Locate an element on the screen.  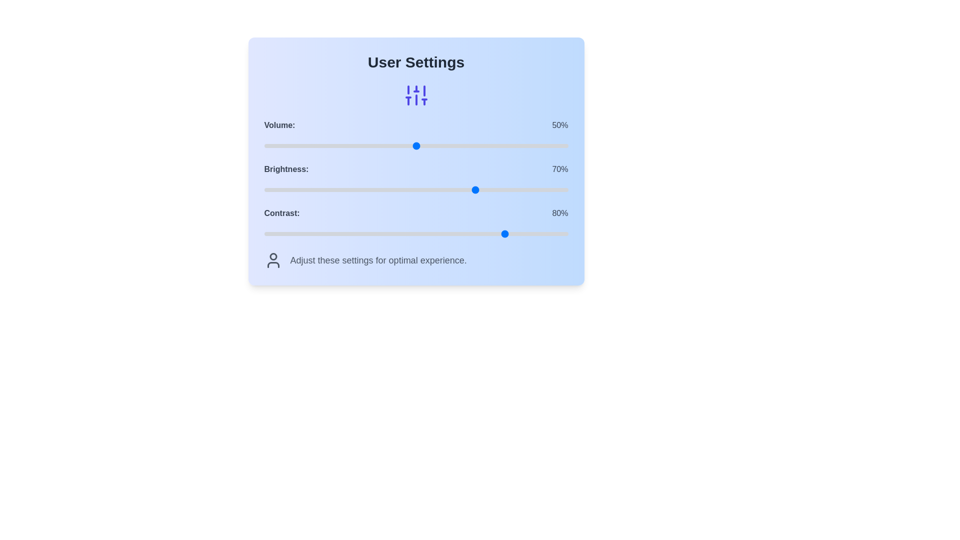
the static text element displaying '80%' in gray font, which indicates the contrast level in the settings interface is located at coordinates (560, 213).